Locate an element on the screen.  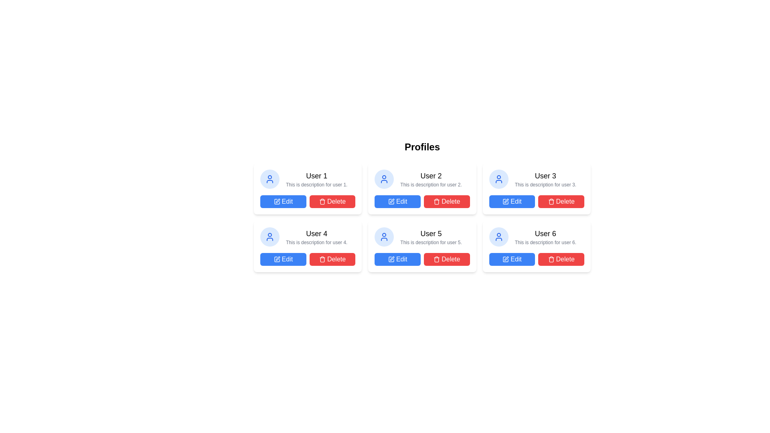
the 'Delete' button located to the right of the 'Edit' button in the profile card for 'User 5' is located at coordinates (446, 259).